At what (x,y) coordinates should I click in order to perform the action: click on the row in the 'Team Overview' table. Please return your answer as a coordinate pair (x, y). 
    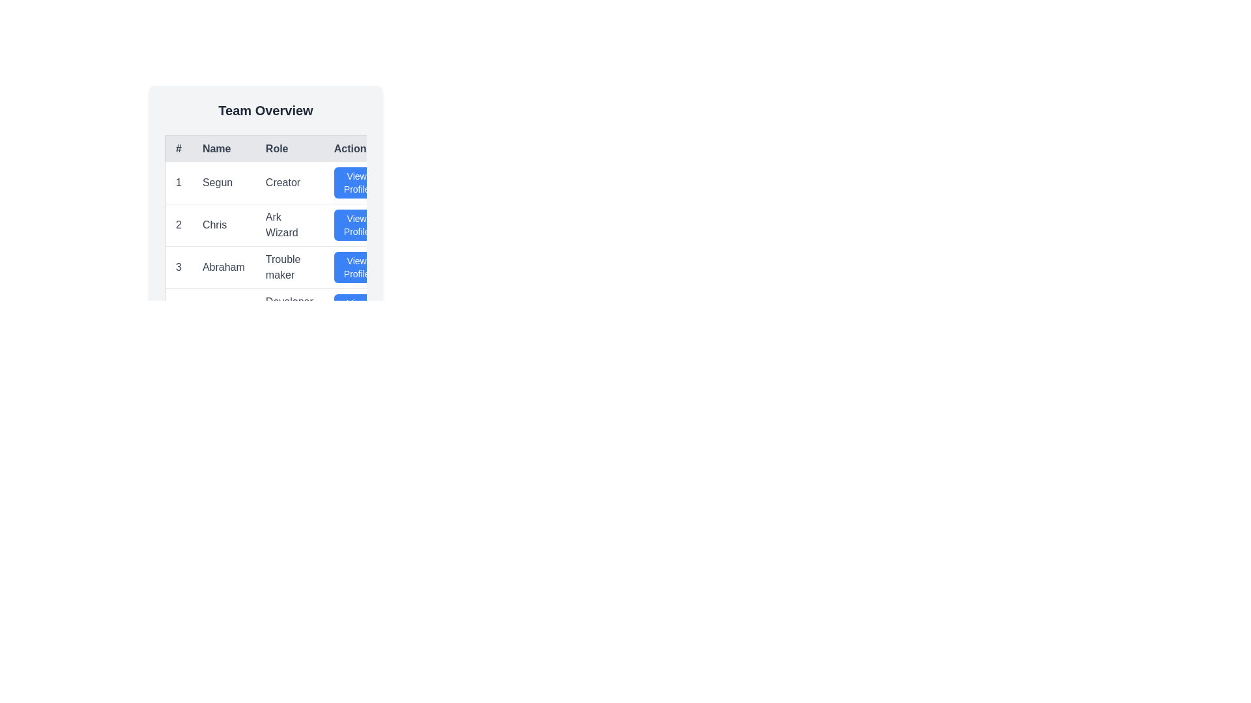
    Looking at the image, I should click on (265, 186).